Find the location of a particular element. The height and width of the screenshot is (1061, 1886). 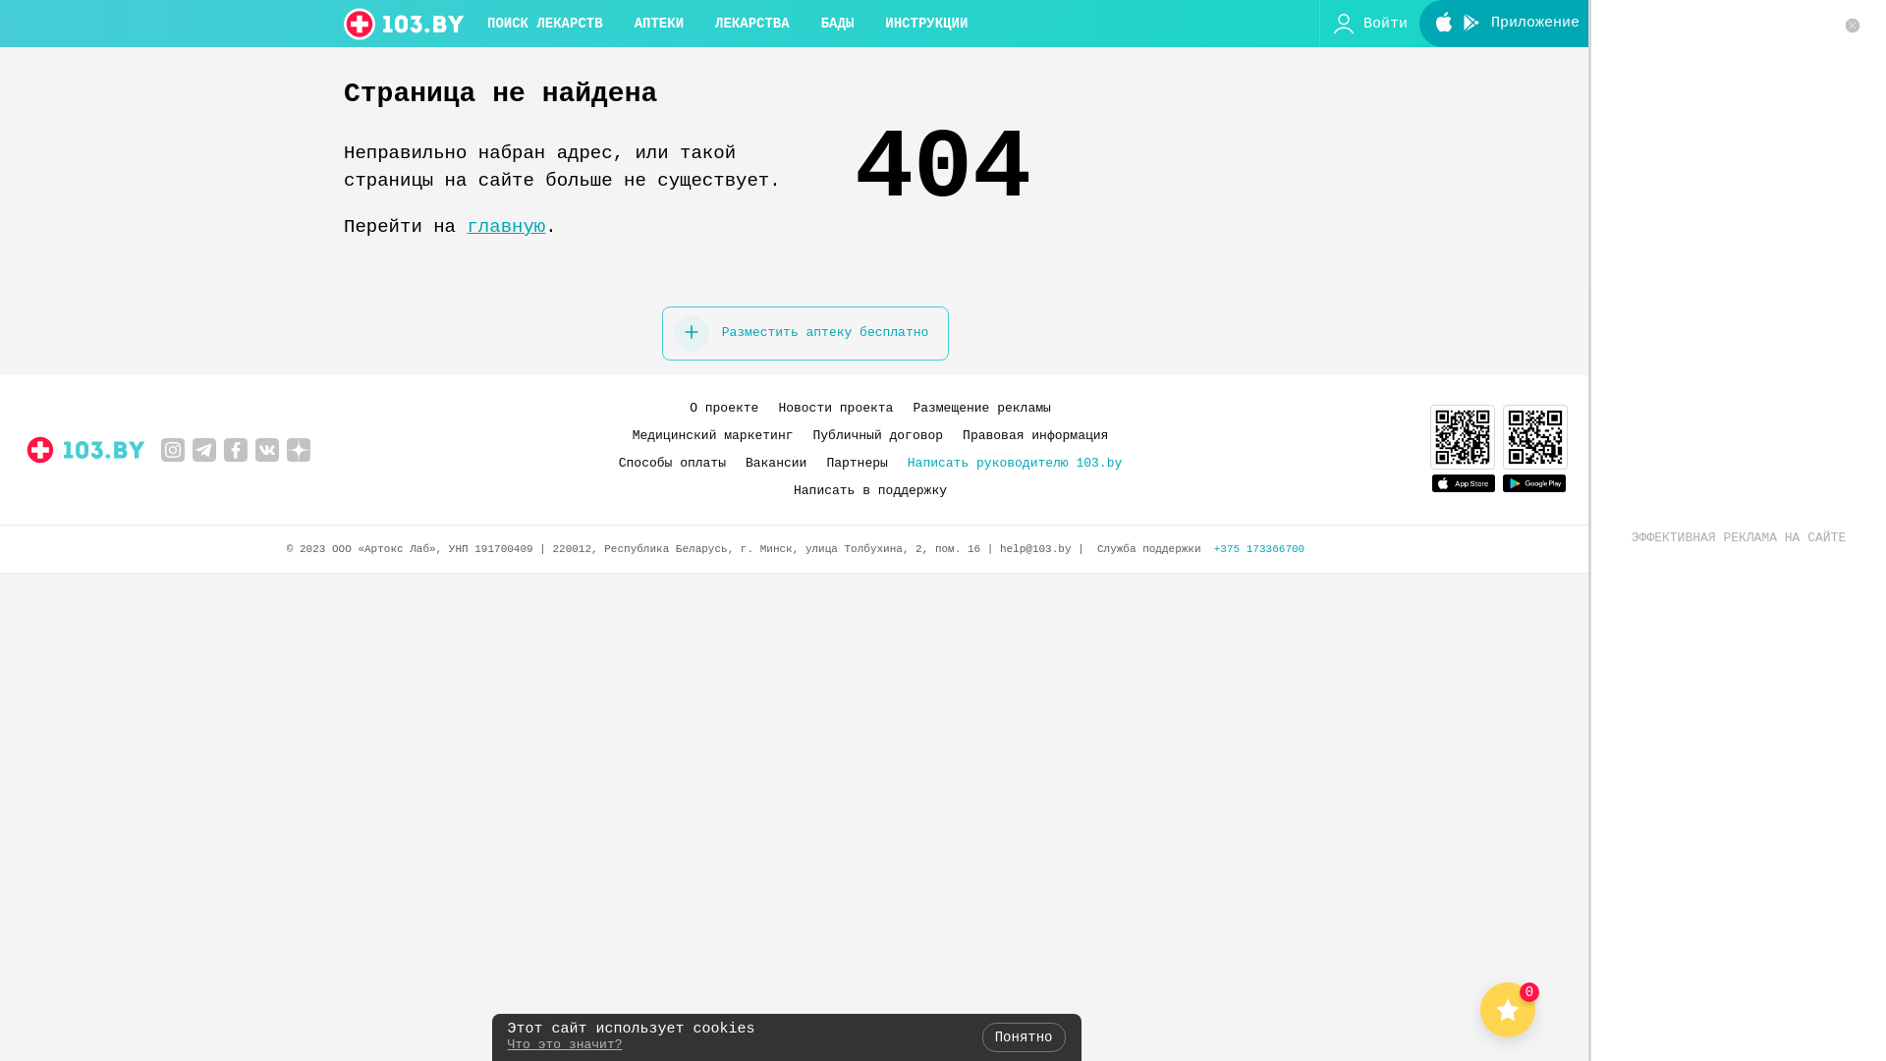

'+375 173366700' is located at coordinates (1213, 549).